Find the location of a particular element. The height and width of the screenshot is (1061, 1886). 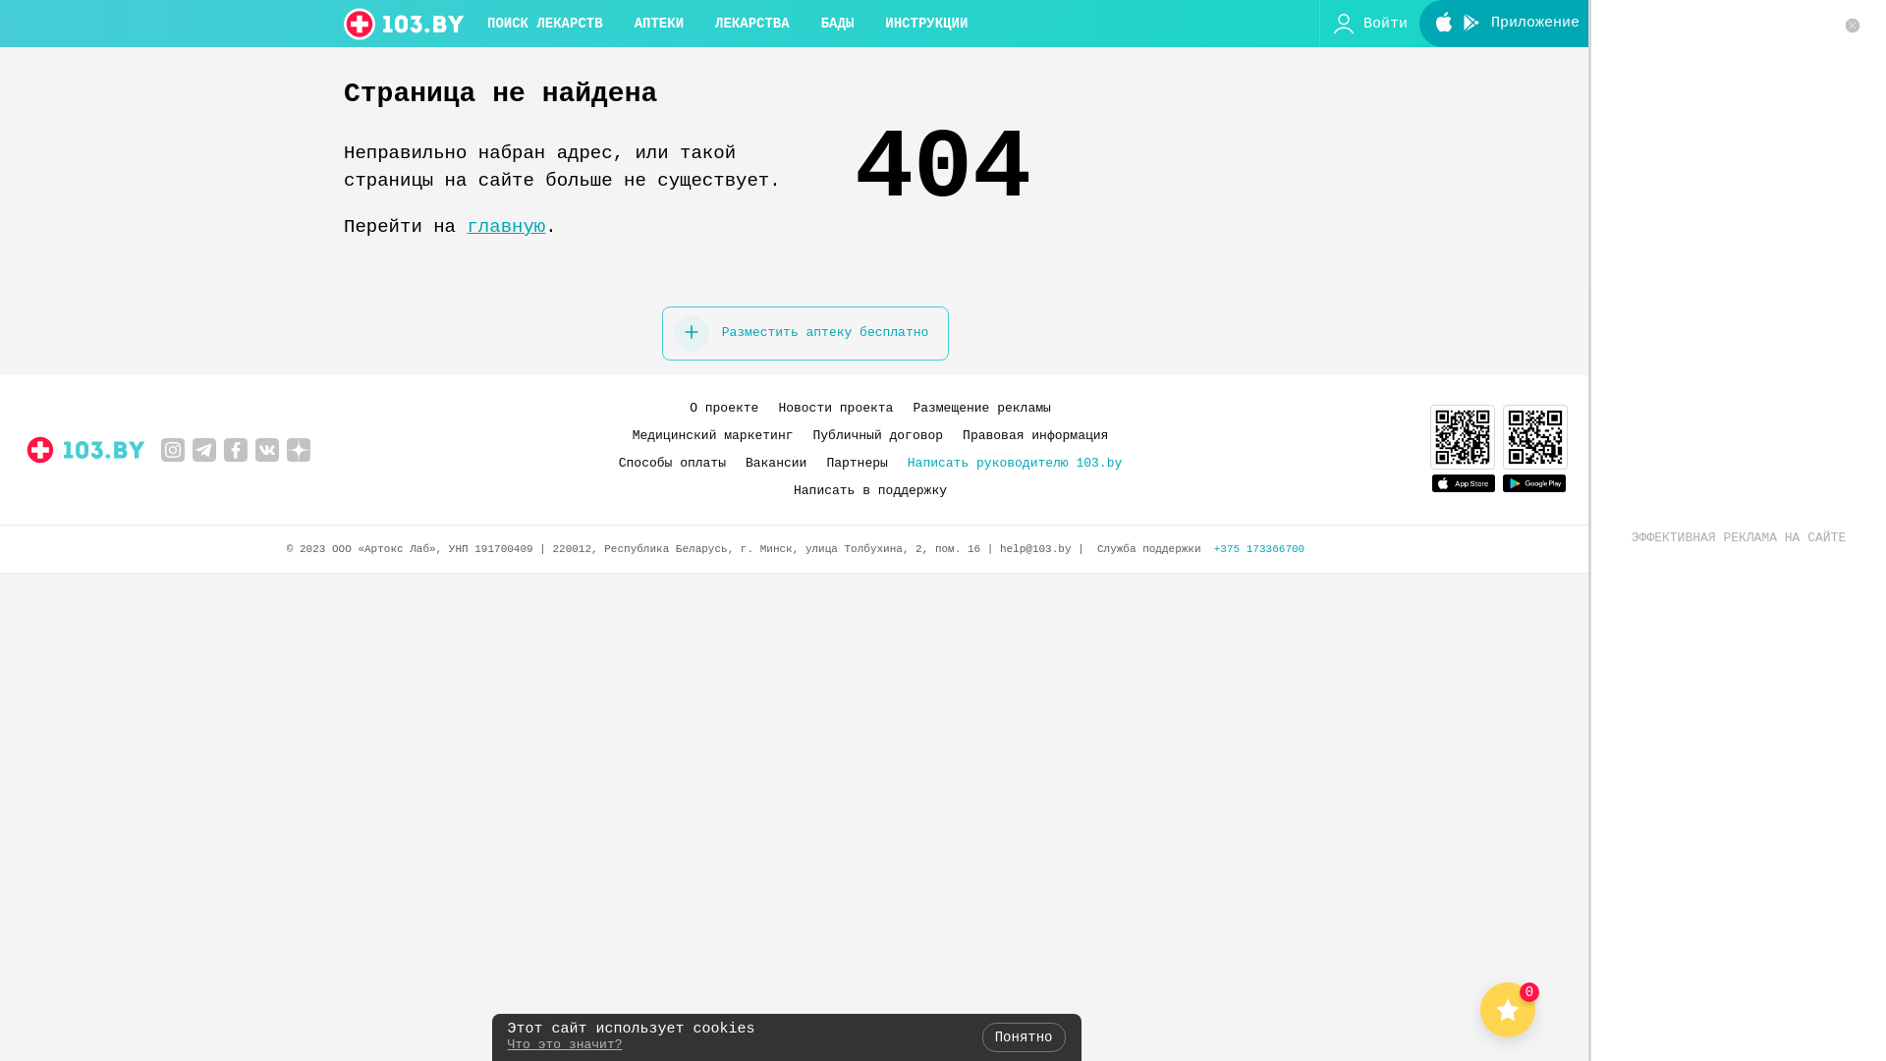

'+375 173366700' is located at coordinates (1213, 549).